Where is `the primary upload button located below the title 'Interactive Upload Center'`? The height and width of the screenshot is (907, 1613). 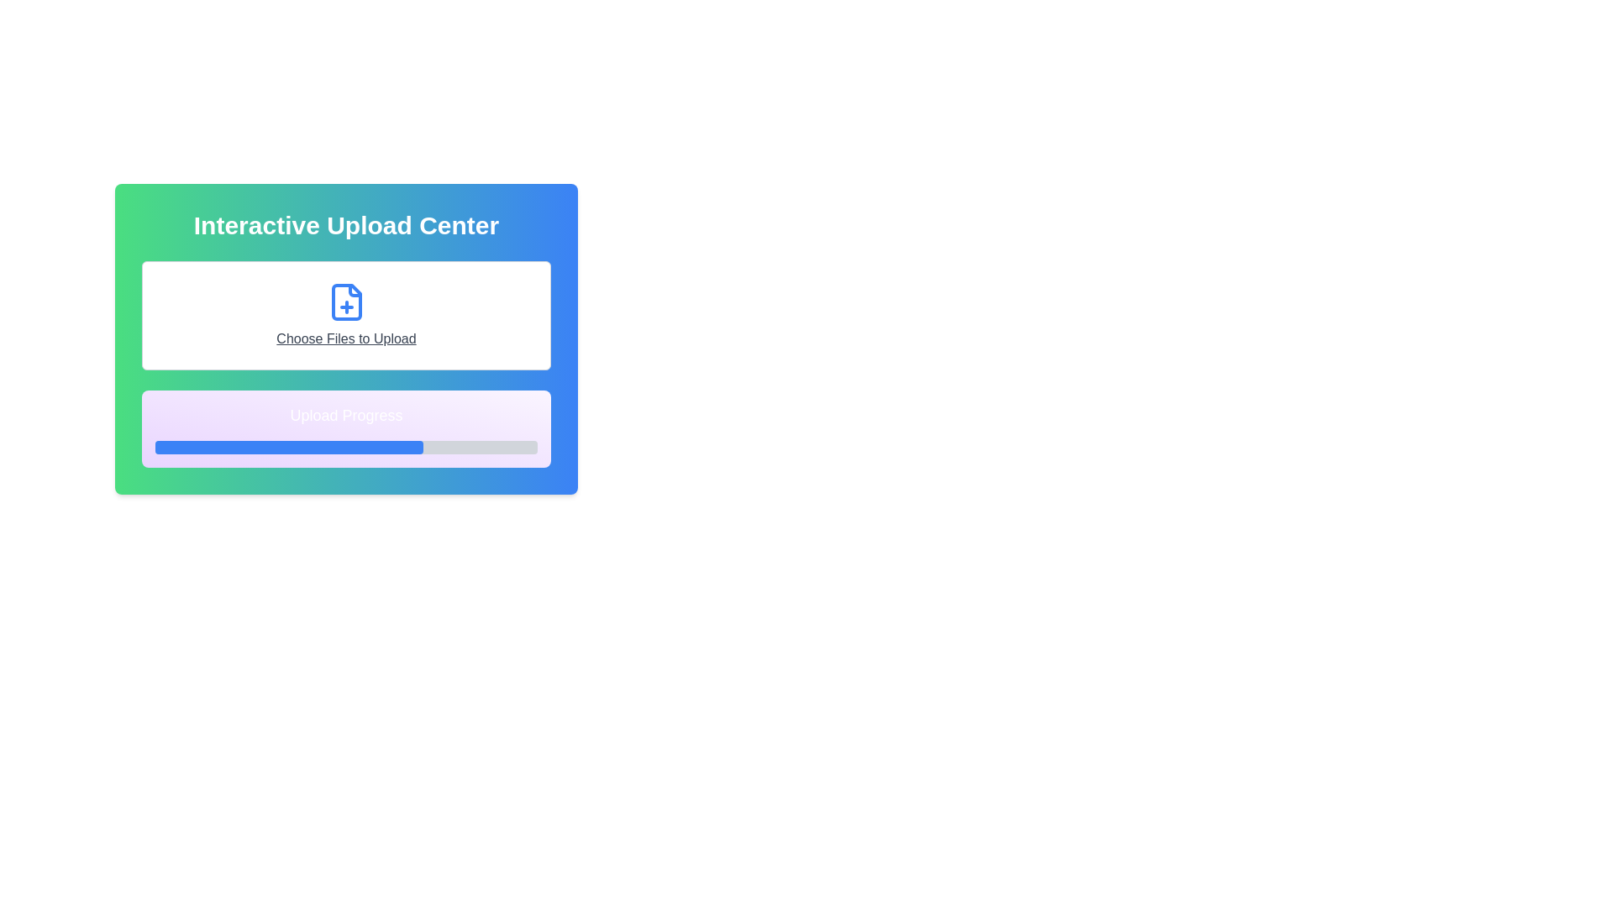 the primary upload button located below the title 'Interactive Upload Center' is located at coordinates (345, 315).